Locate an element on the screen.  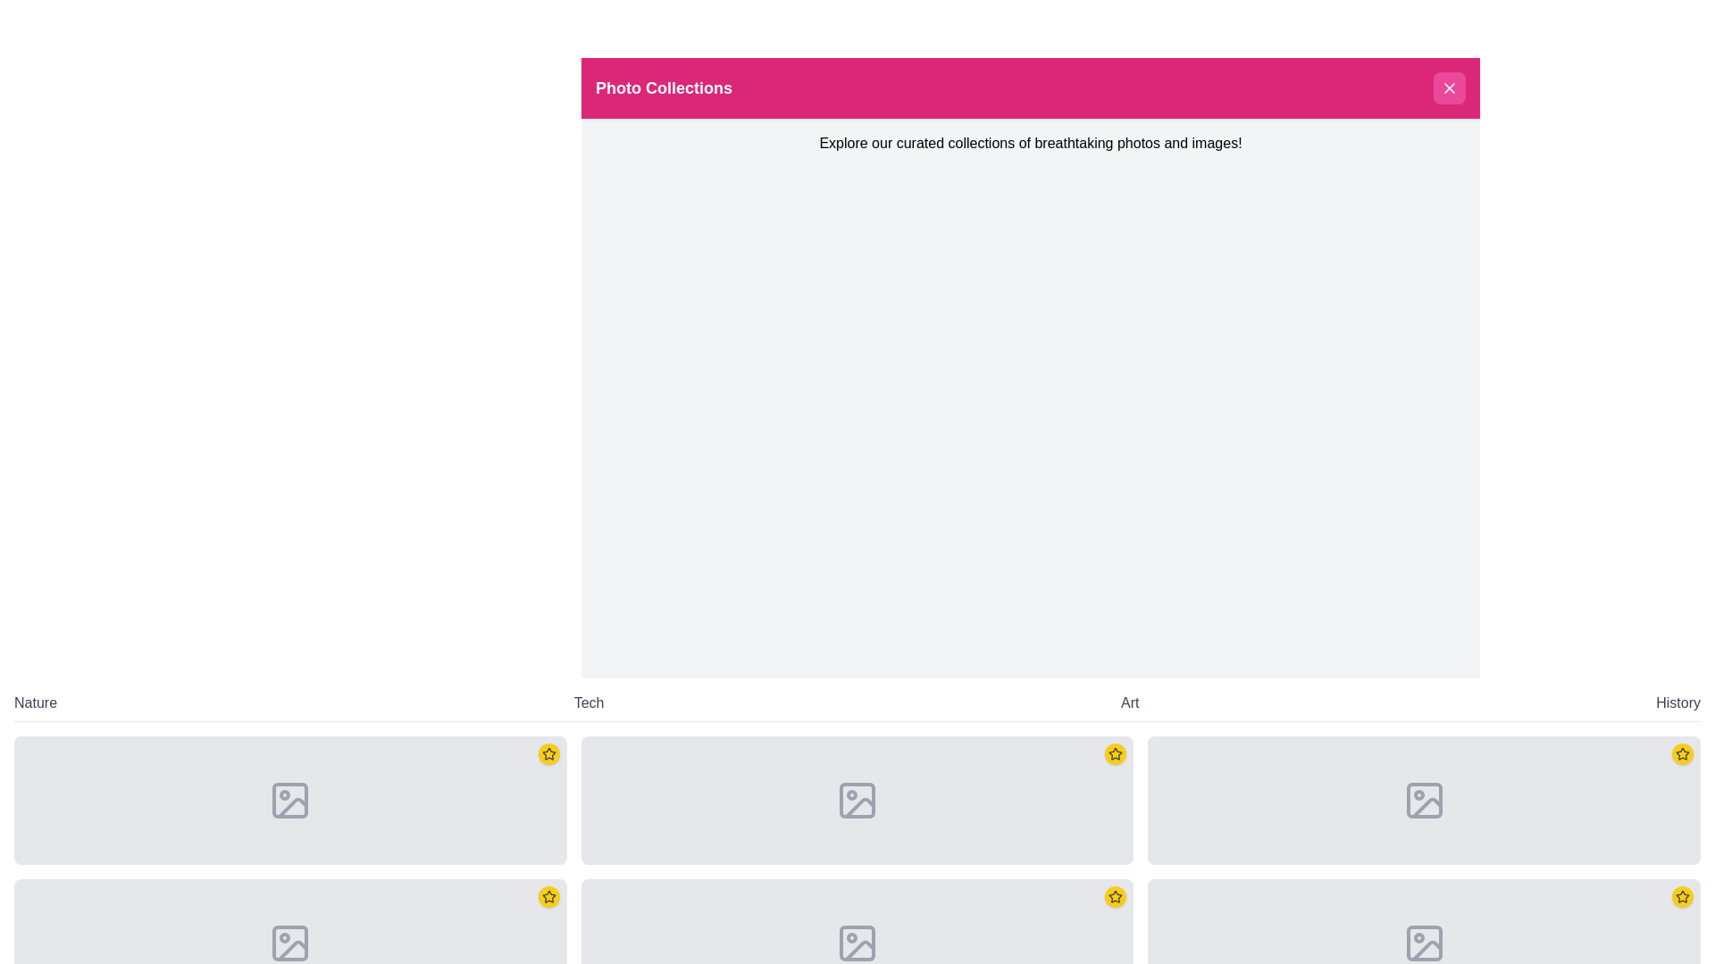
the favorite toggle button located at the top-right corner of the light gray rectangular card under the 'Art' category is located at coordinates (1115, 753).